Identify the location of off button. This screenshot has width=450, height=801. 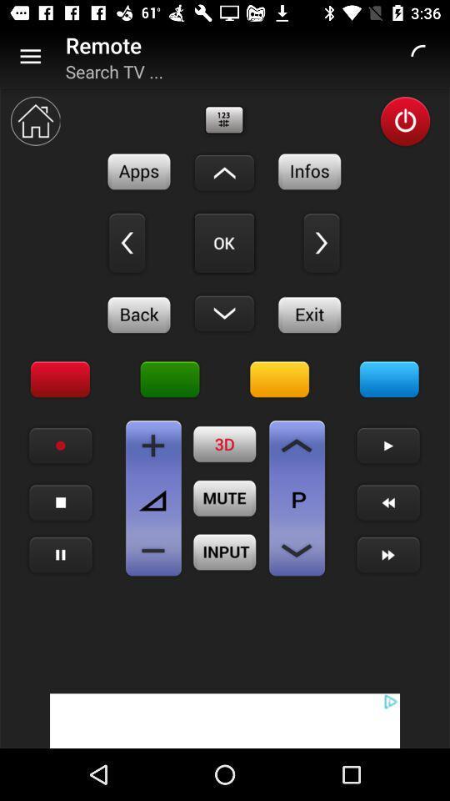
(404, 120).